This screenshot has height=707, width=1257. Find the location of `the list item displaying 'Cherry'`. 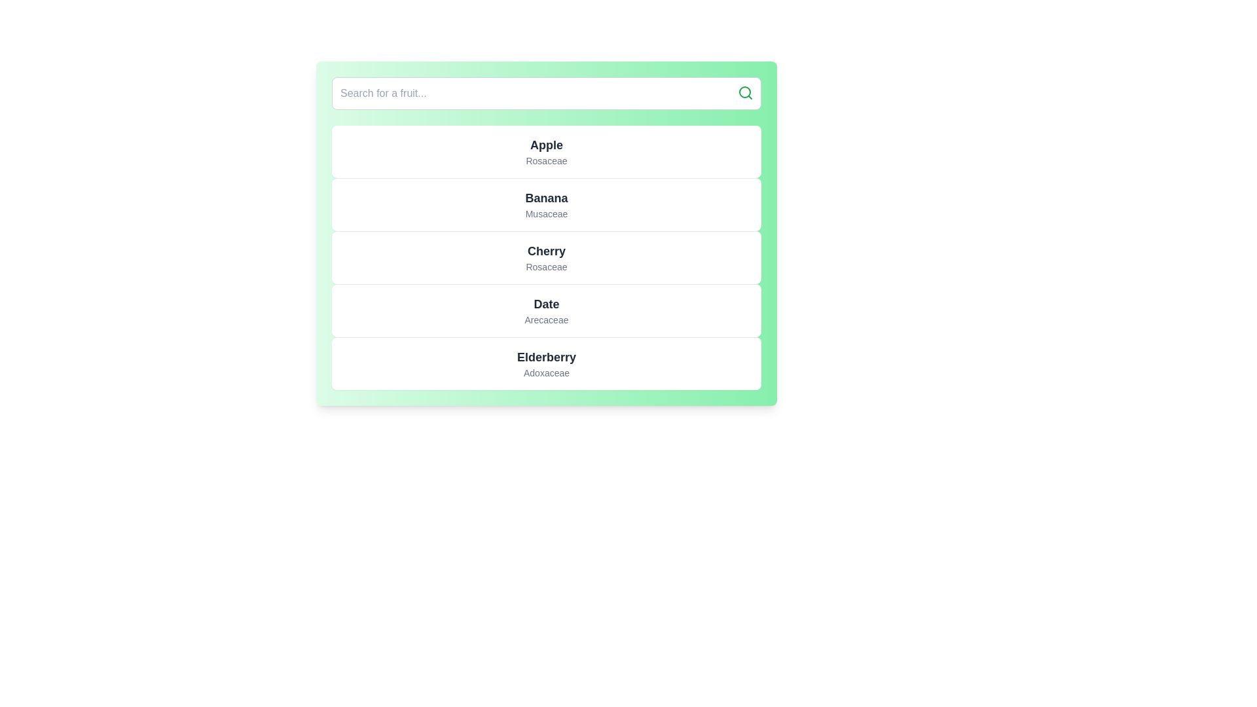

the list item displaying 'Cherry' is located at coordinates (547, 257).